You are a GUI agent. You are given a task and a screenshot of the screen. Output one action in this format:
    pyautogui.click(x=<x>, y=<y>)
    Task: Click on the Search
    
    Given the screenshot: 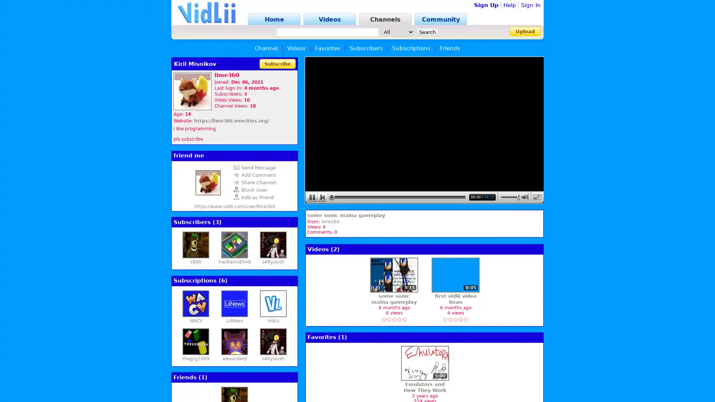 What is the action you would take?
    pyautogui.click(x=427, y=31)
    